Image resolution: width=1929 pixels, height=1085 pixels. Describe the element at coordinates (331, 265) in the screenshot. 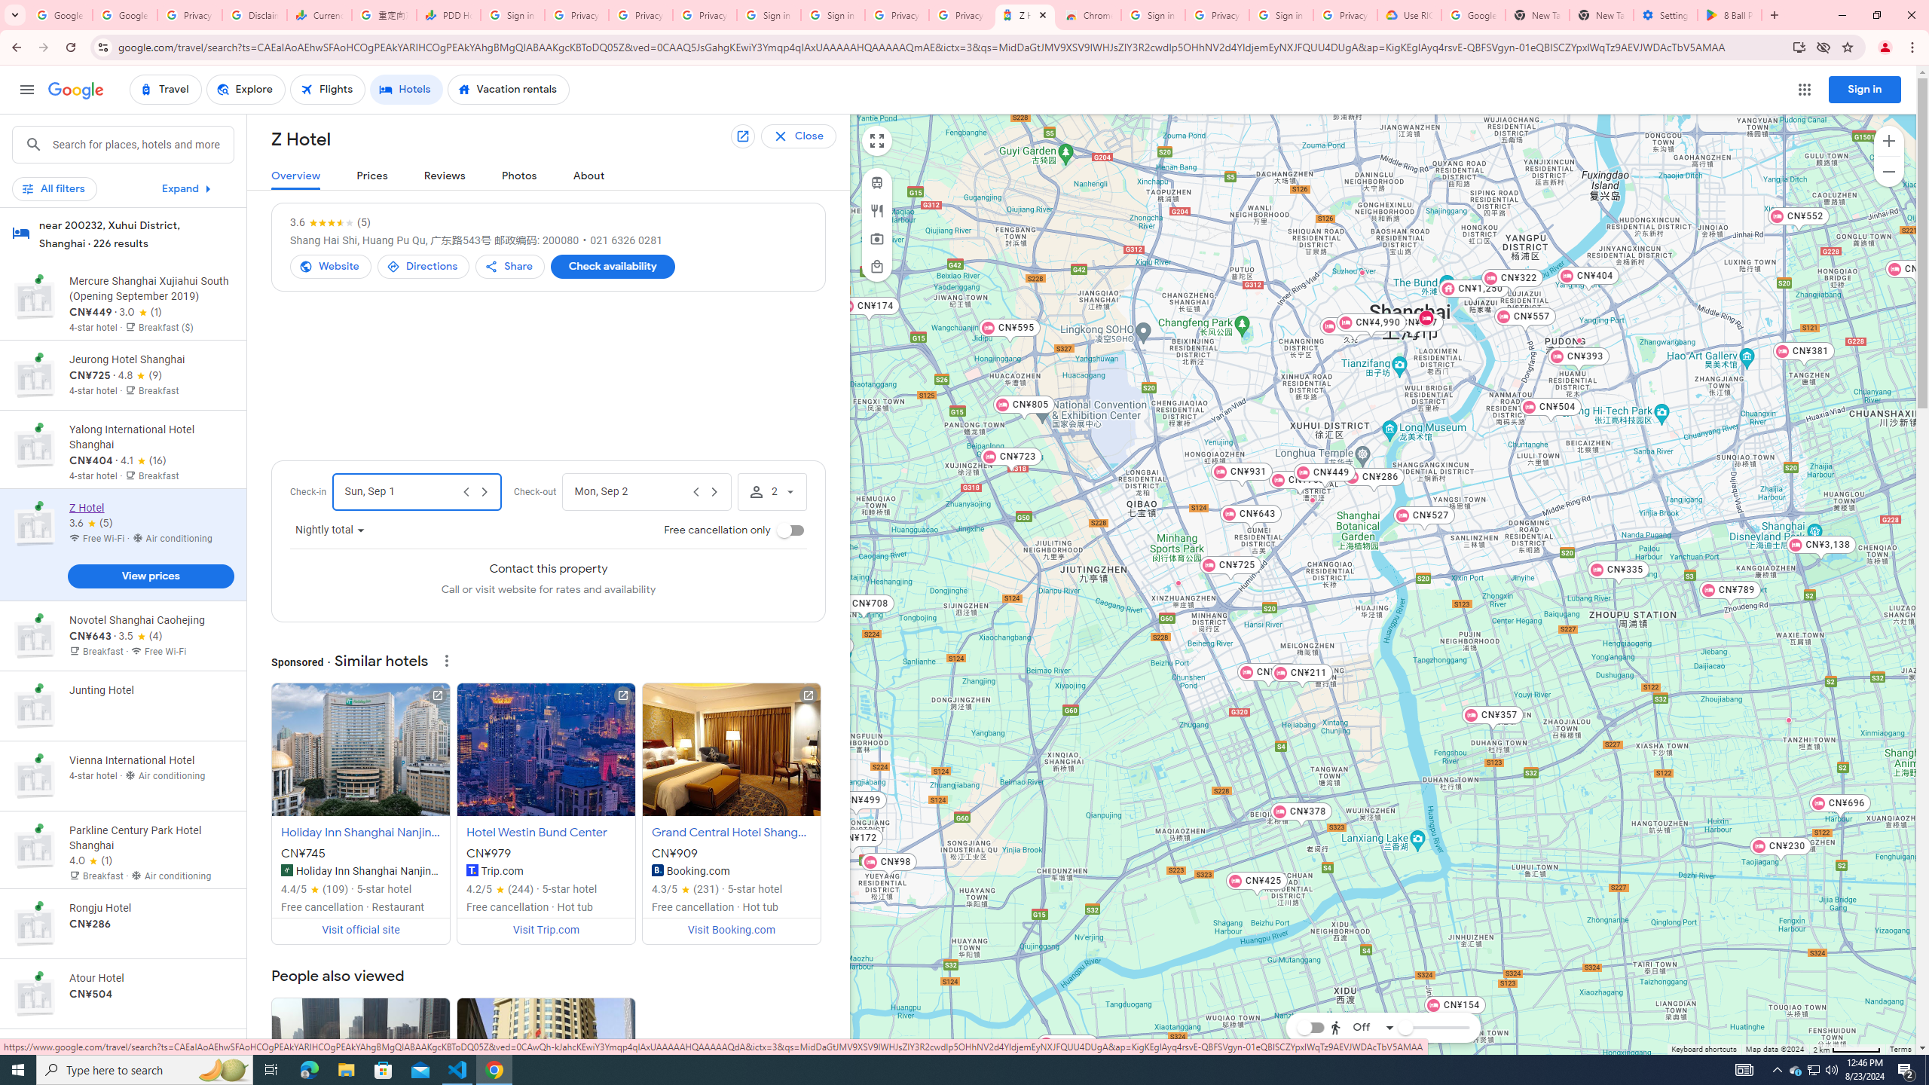

I see `'Visit site for Z Hotel'` at that location.